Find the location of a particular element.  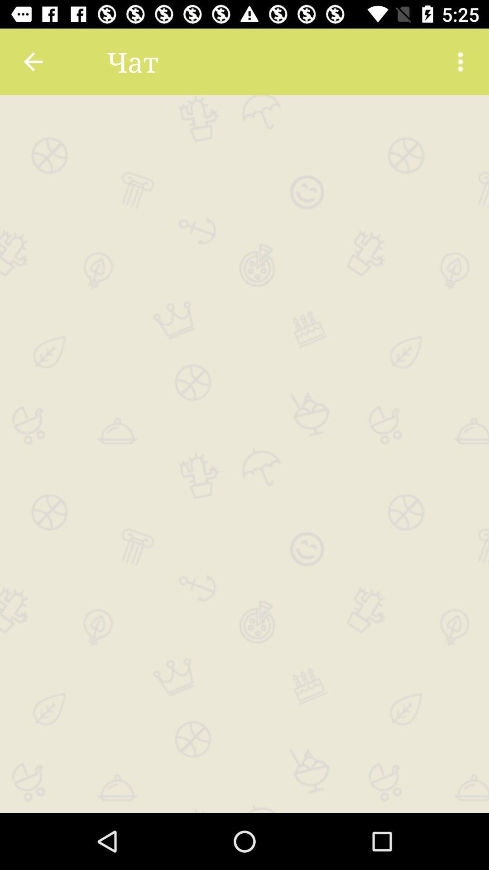

options is located at coordinates (460, 61).